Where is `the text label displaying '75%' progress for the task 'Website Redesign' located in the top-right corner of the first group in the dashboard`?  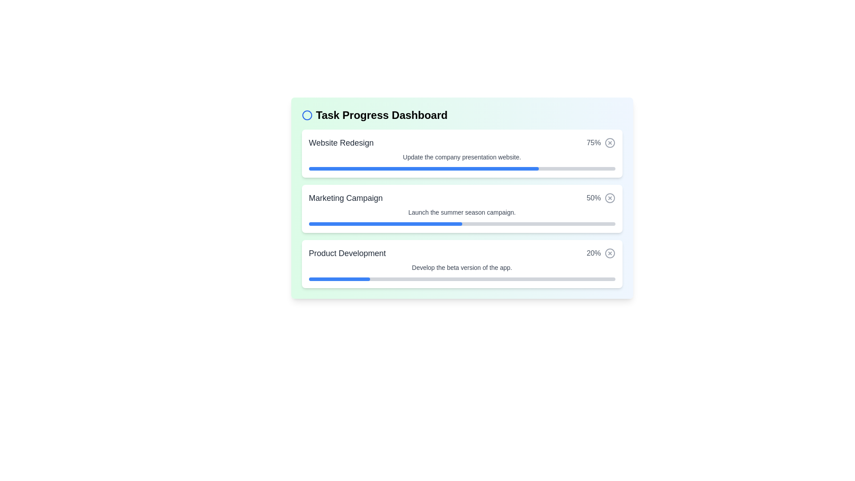
the text label displaying '75%' progress for the task 'Website Redesign' located in the top-right corner of the first group in the dashboard is located at coordinates (601, 142).